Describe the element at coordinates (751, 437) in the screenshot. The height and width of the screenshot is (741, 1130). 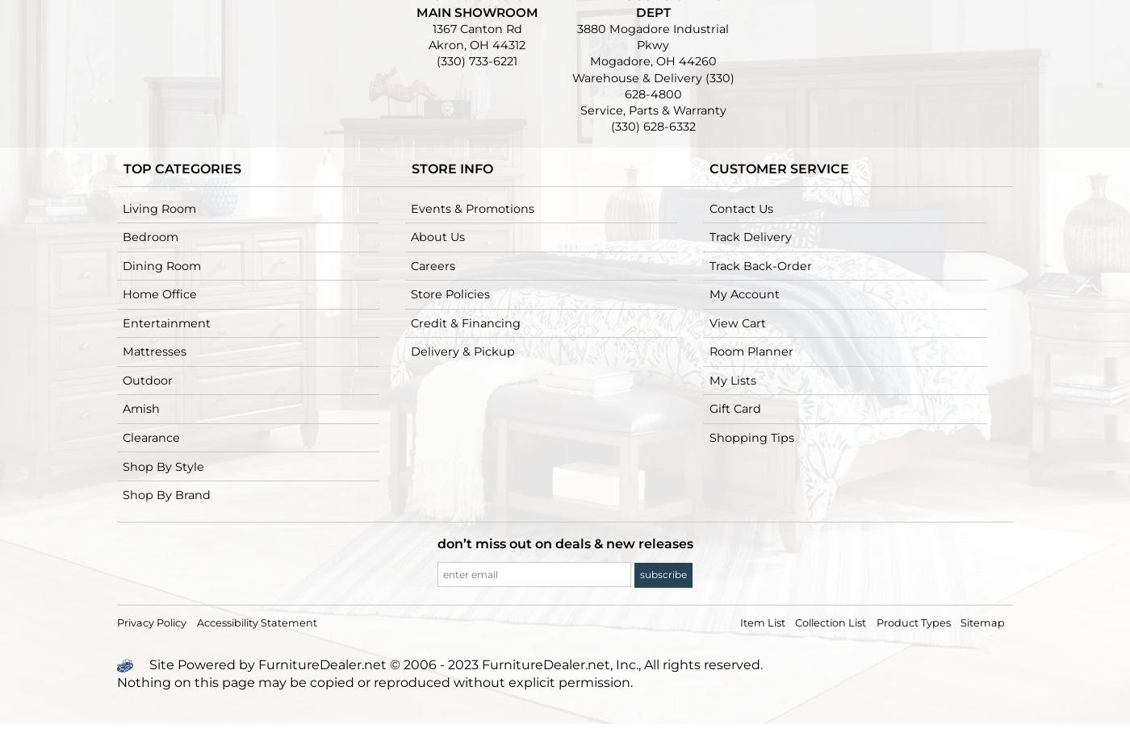
I see `'Shopping Tips'` at that location.